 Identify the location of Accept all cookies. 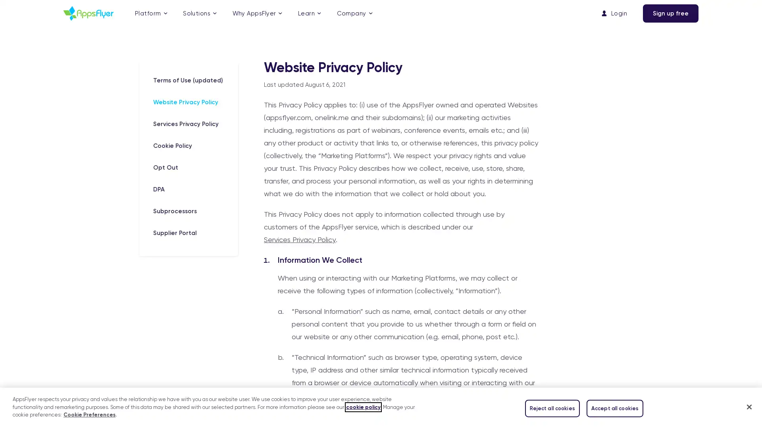
(614, 408).